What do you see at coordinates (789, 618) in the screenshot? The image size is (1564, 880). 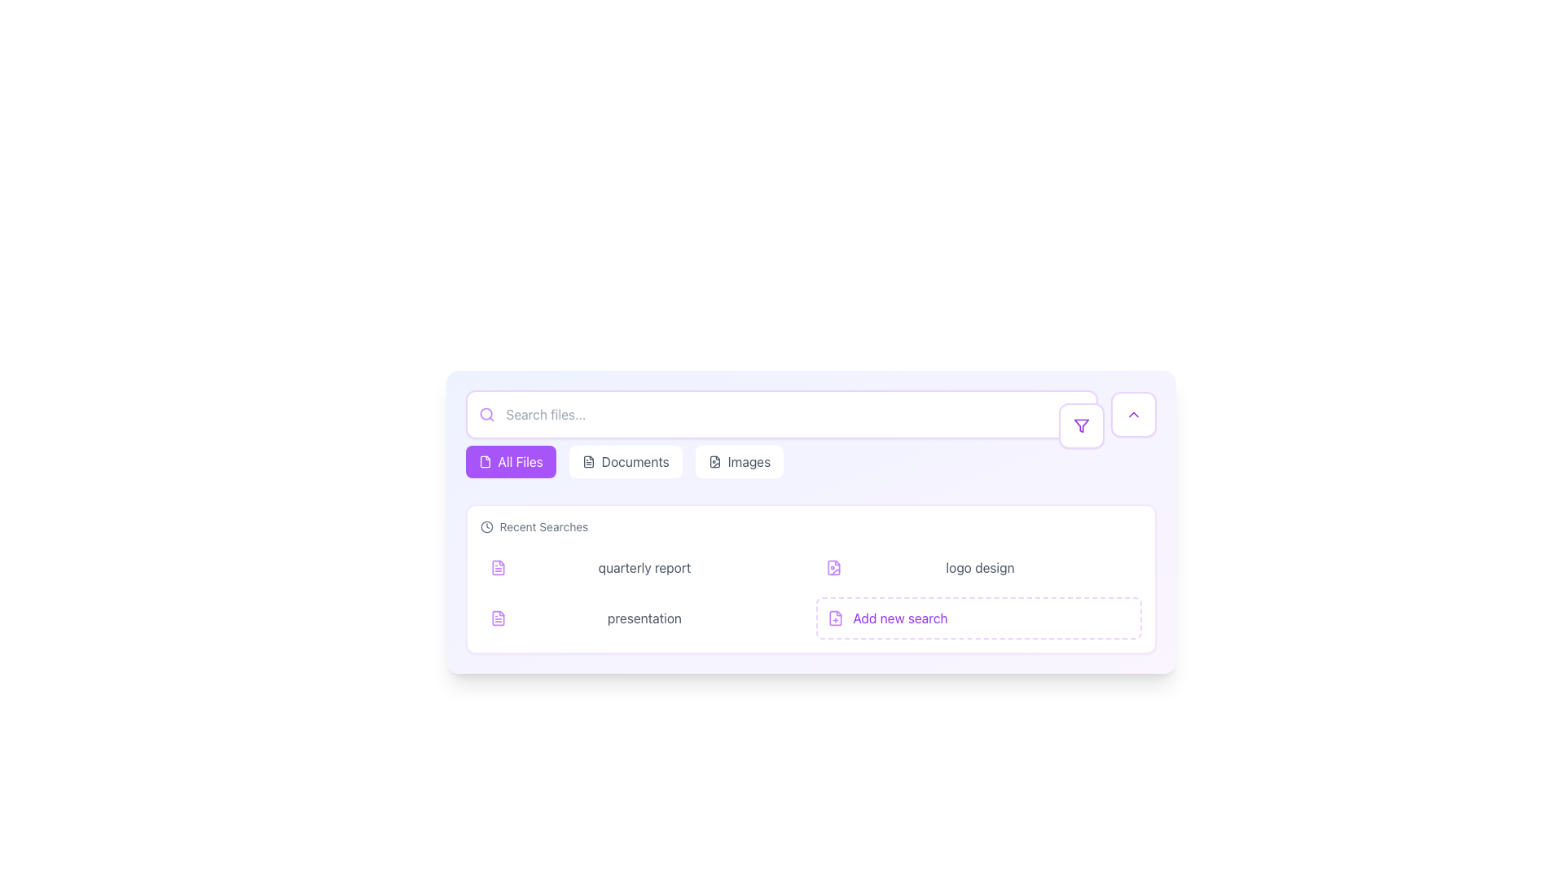 I see `the button at the far right of the 'presentation' search entry` at bounding box center [789, 618].